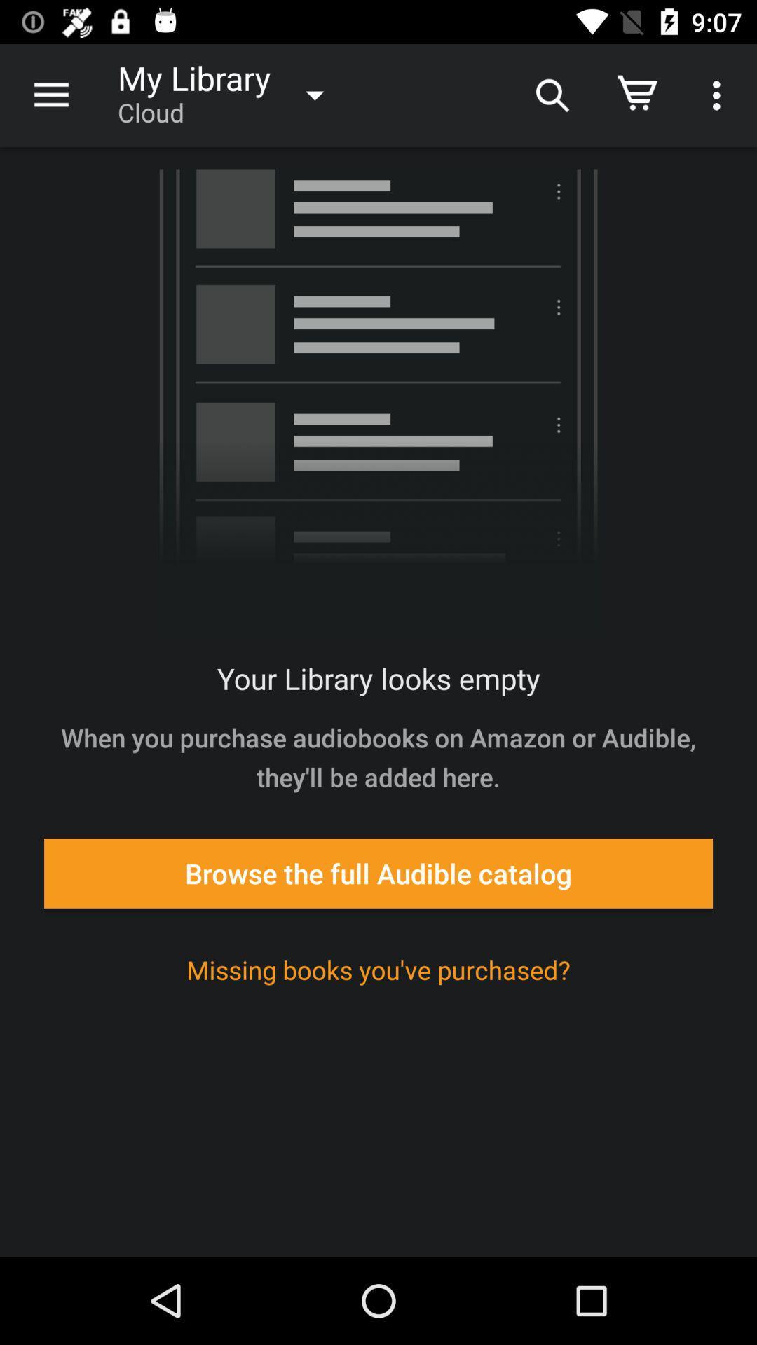 The width and height of the screenshot is (757, 1345). I want to click on the missing books you, so click(378, 969).